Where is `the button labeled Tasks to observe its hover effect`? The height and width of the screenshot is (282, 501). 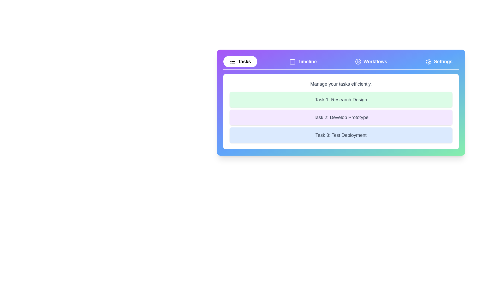
the button labeled Tasks to observe its hover effect is located at coordinates (240, 61).